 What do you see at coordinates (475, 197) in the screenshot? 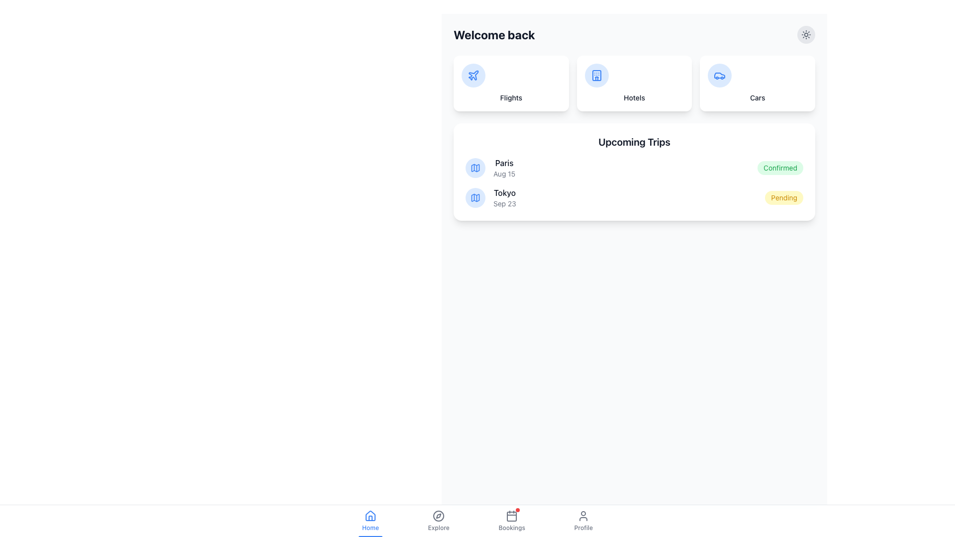
I see `the visual indicator icon for the trip entry labeled 'Tokyo', which is positioned in the second entry of the 'Upcoming Trips' list, to the left of the text 'Tokyo' and 'Sep 23'` at bounding box center [475, 197].